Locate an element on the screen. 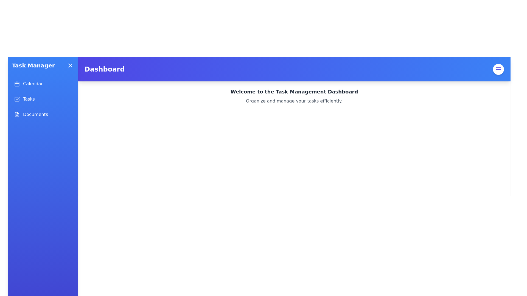 The height and width of the screenshot is (296, 527). the close 'X' icon on the header bar of the sidebar related to 'Task Manager' is located at coordinates (43, 67).